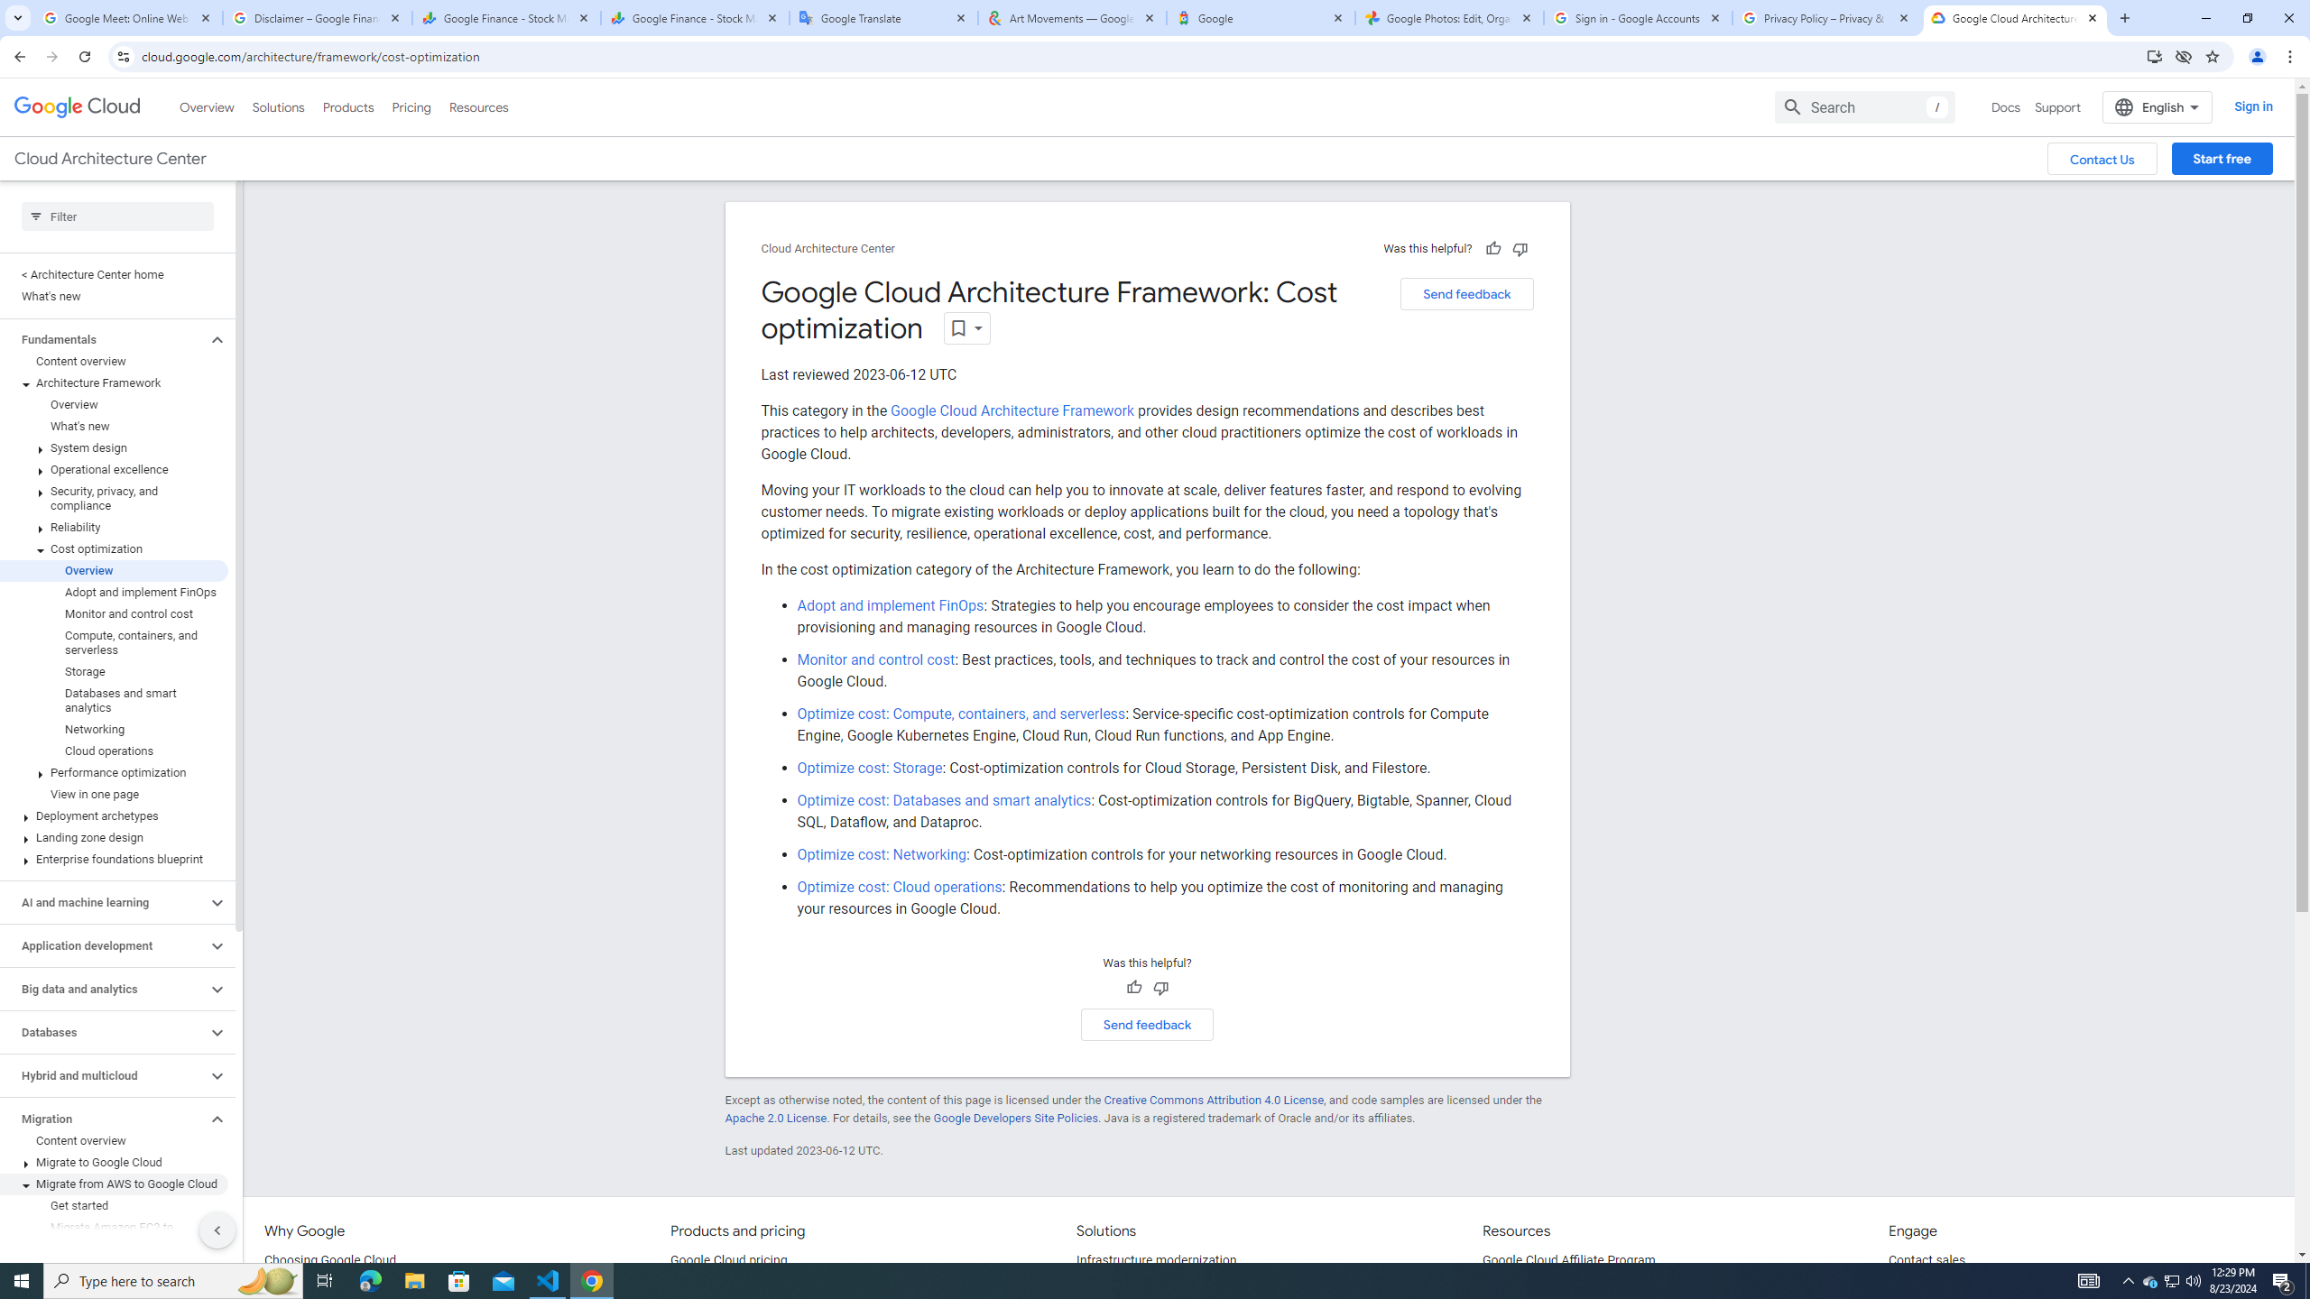 The width and height of the screenshot is (2310, 1299). What do you see at coordinates (102, 1075) in the screenshot?
I see `'Hybrid and multicloud'` at bounding box center [102, 1075].